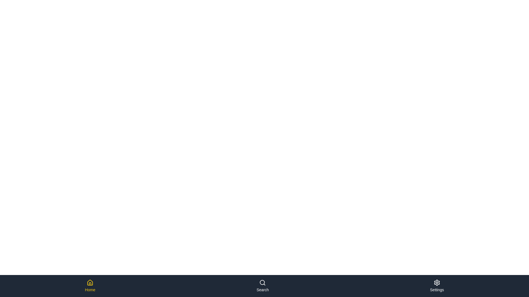 The height and width of the screenshot is (297, 529). I want to click on the navigation item Settings to switch views, so click(436, 286).